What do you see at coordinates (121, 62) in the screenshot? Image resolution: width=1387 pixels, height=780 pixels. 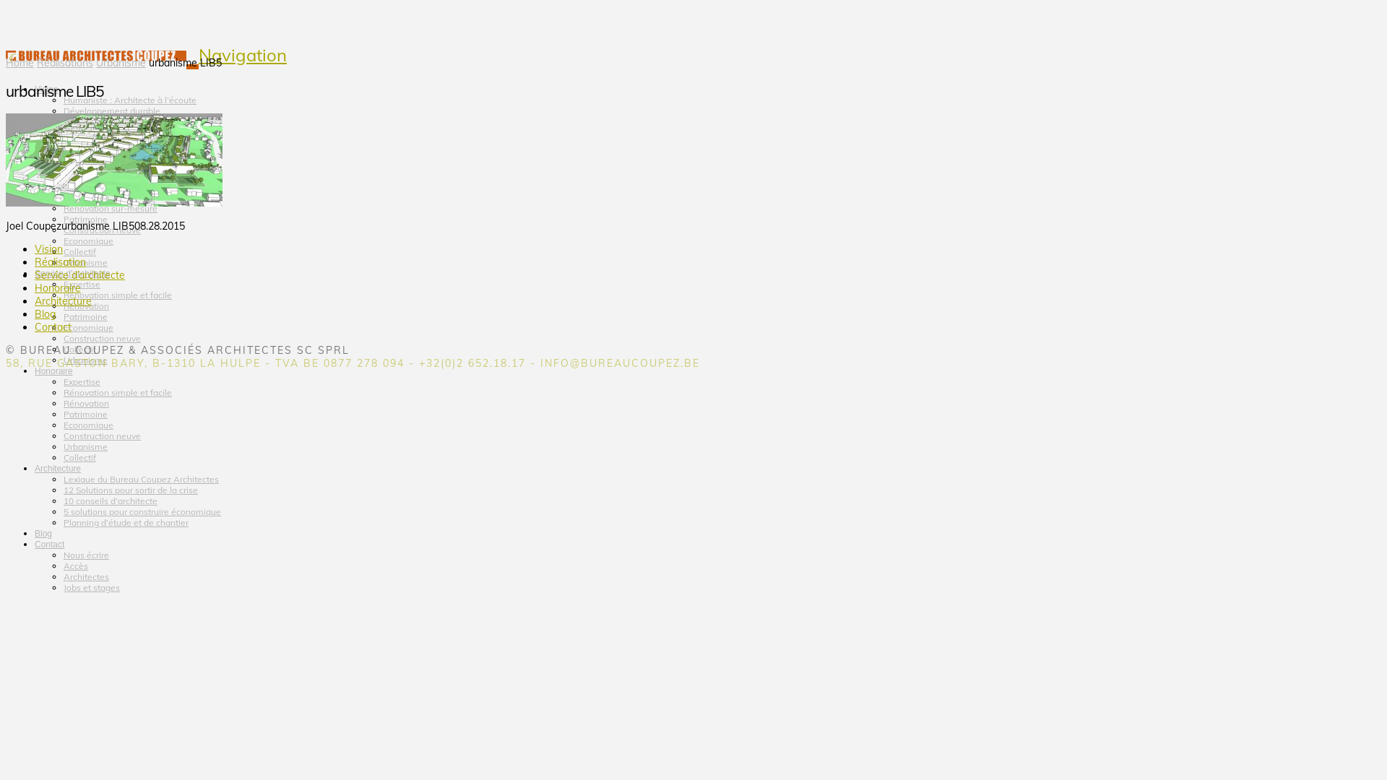 I see `'Urbanisme'` at bounding box center [121, 62].